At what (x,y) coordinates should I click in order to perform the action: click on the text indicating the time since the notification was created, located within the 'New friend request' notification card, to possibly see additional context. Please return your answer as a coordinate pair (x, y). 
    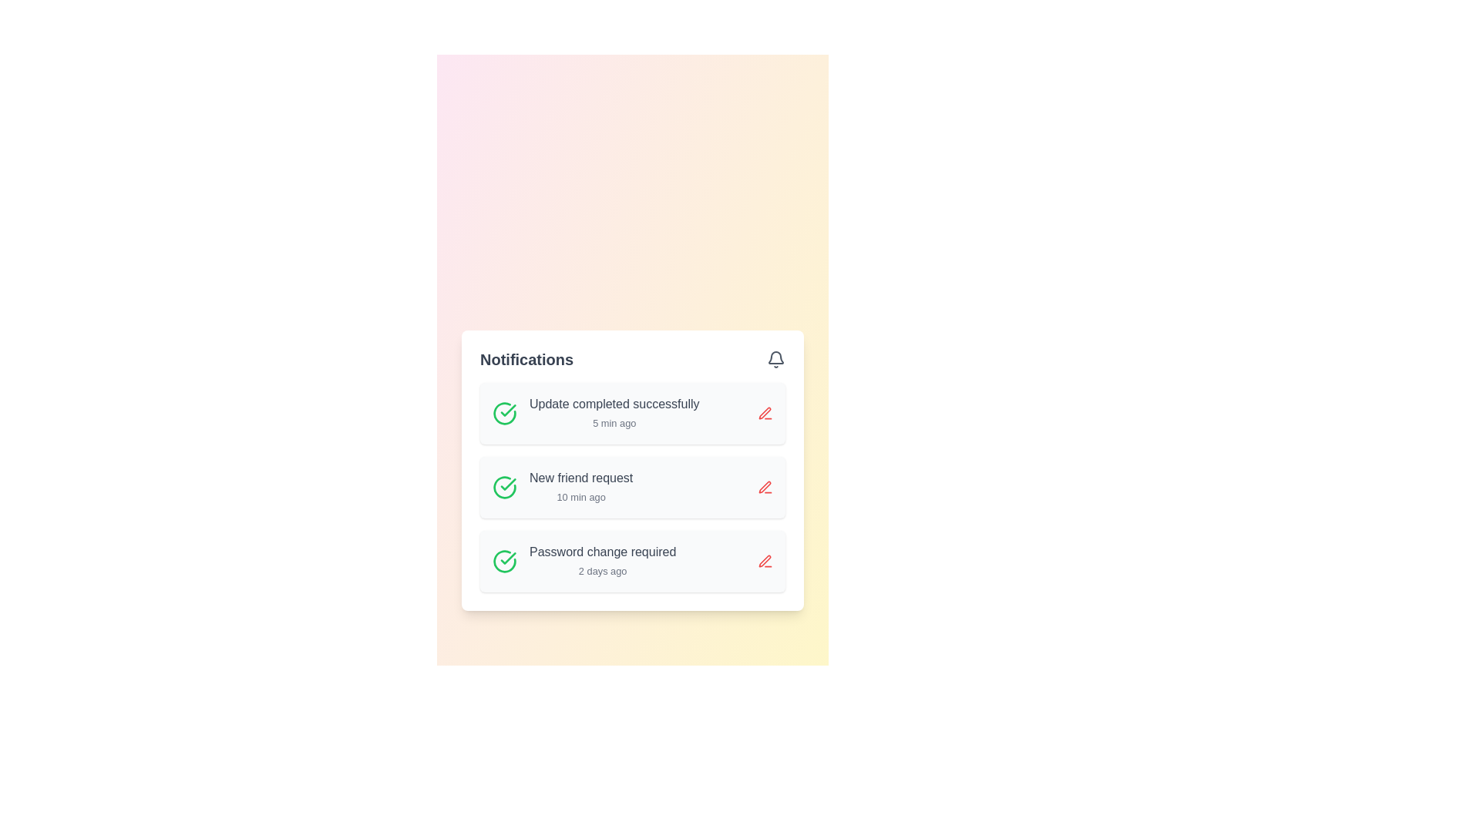
    Looking at the image, I should click on (580, 497).